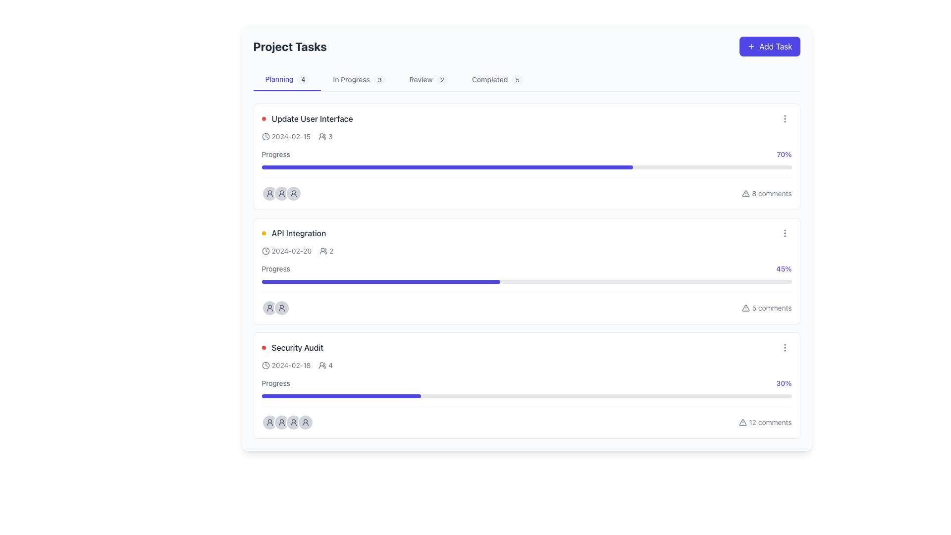  Describe the element at coordinates (326, 250) in the screenshot. I see `the text label displaying the number '2' next to the user group icon in the 'API Integration' task section` at that location.